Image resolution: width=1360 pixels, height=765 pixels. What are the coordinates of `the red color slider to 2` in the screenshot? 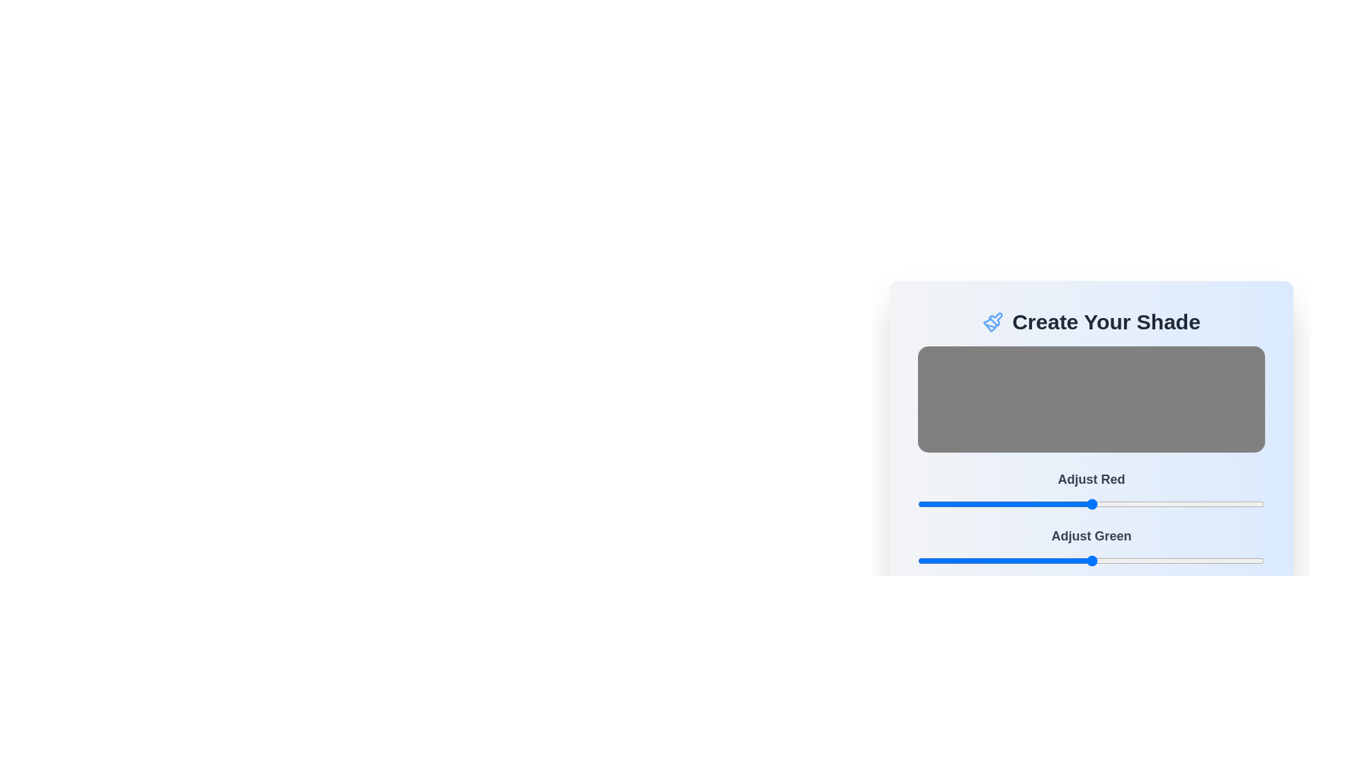 It's located at (920, 504).